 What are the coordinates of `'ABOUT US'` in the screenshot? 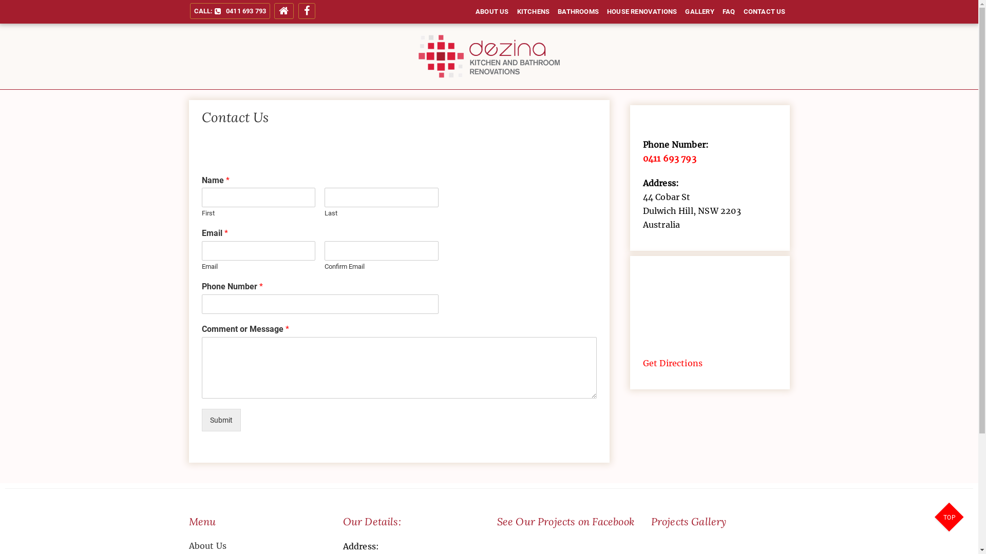 It's located at (470, 12).